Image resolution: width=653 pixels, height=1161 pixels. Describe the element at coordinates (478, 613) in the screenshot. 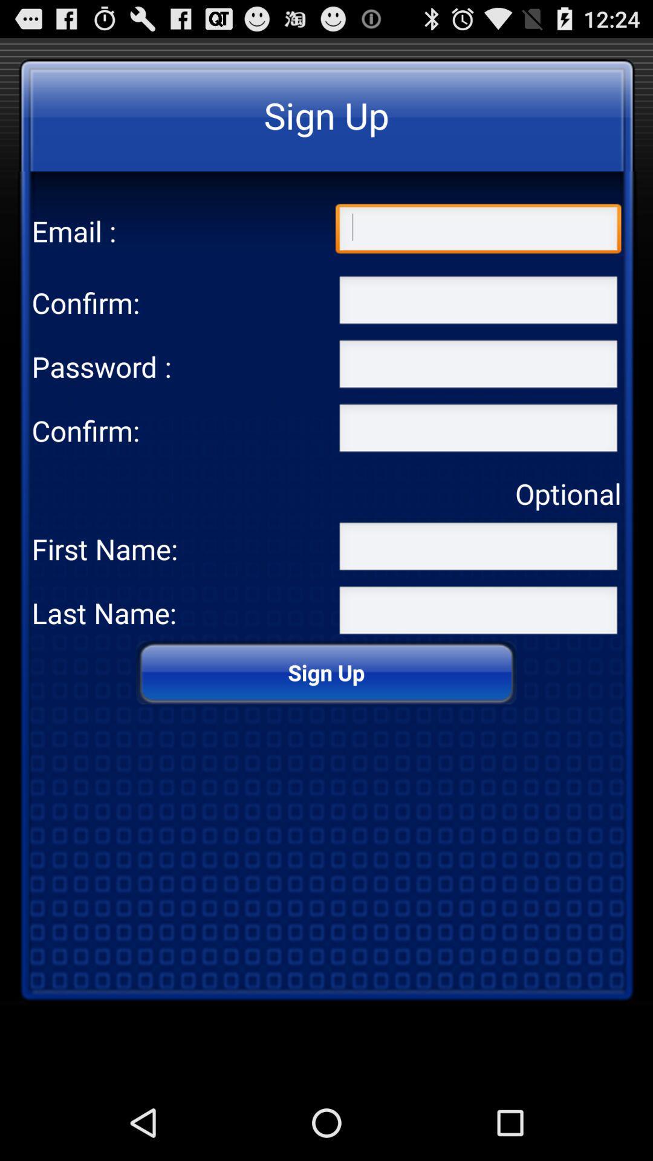

I see `autoplay option` at that location.